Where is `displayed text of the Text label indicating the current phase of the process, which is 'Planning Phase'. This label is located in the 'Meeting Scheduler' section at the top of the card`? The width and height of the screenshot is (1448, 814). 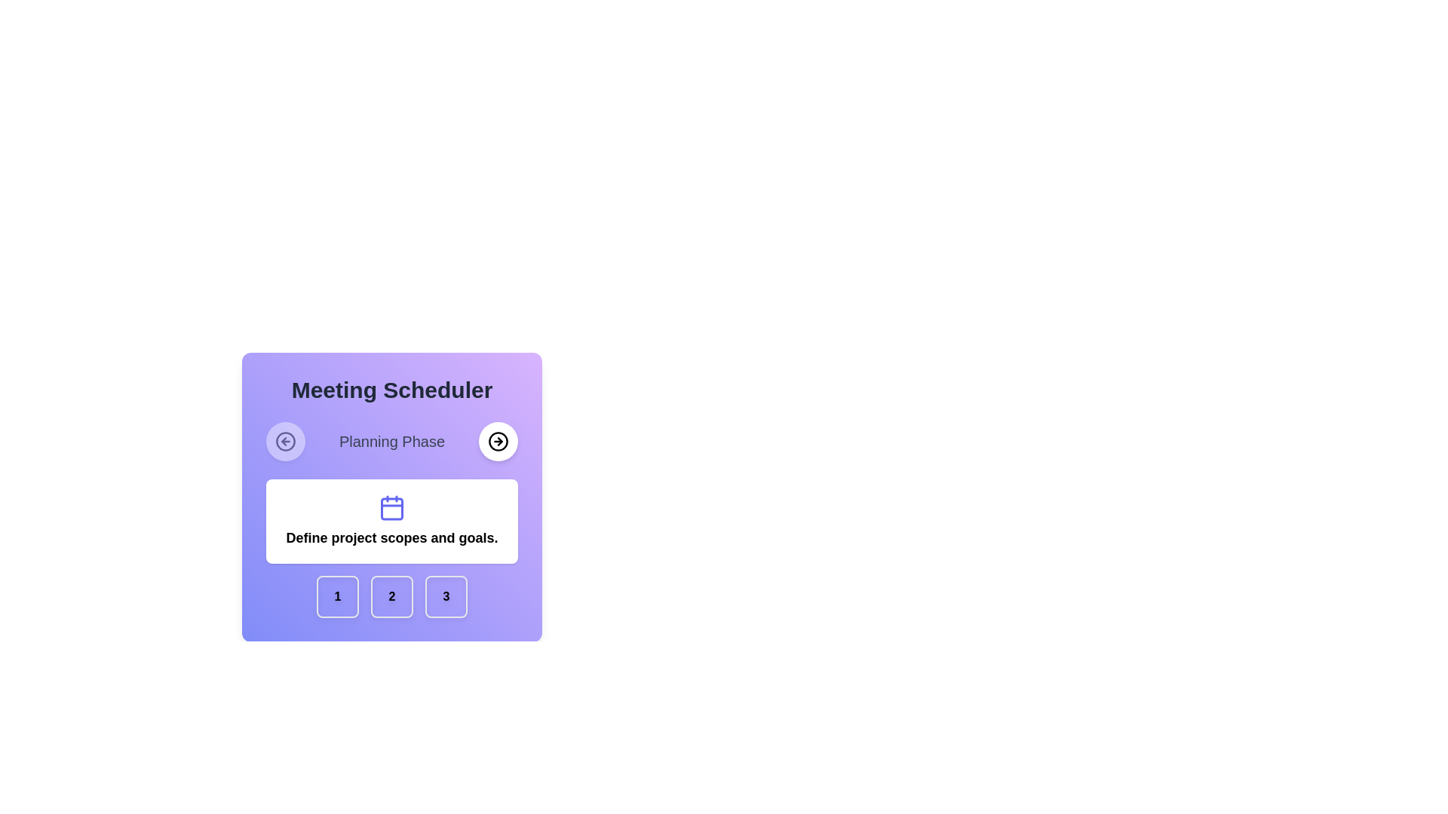
displayed text of the Text label indicating the current phase of the process, which is 'Planning Phase'. This label is located in the 'Meeting Scheduler' section at the top of the card is located at coordinates (391, 441).